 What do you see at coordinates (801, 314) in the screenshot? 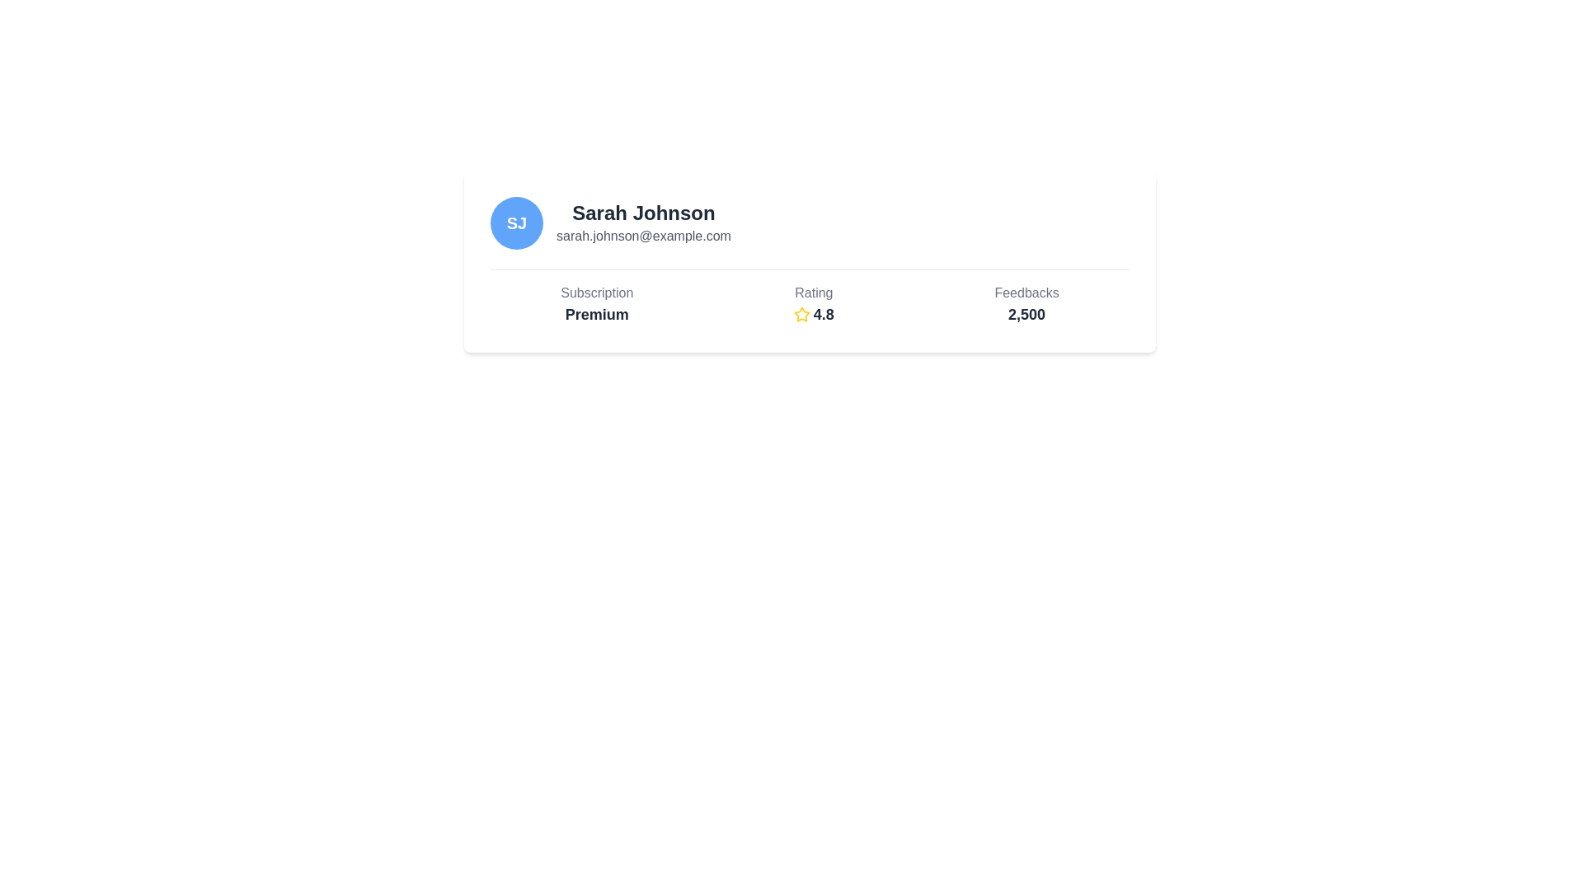
I see `the star-shaped icon with a golden yellow outline, located next to the numerical rating '4.8' under the 'Rating' column` at bounding box center [801, 314].